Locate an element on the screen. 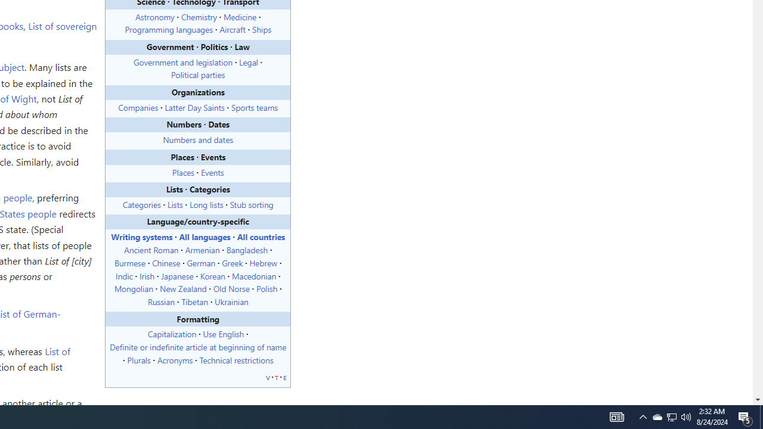  'Indic' is located at coordinates (124, 275).